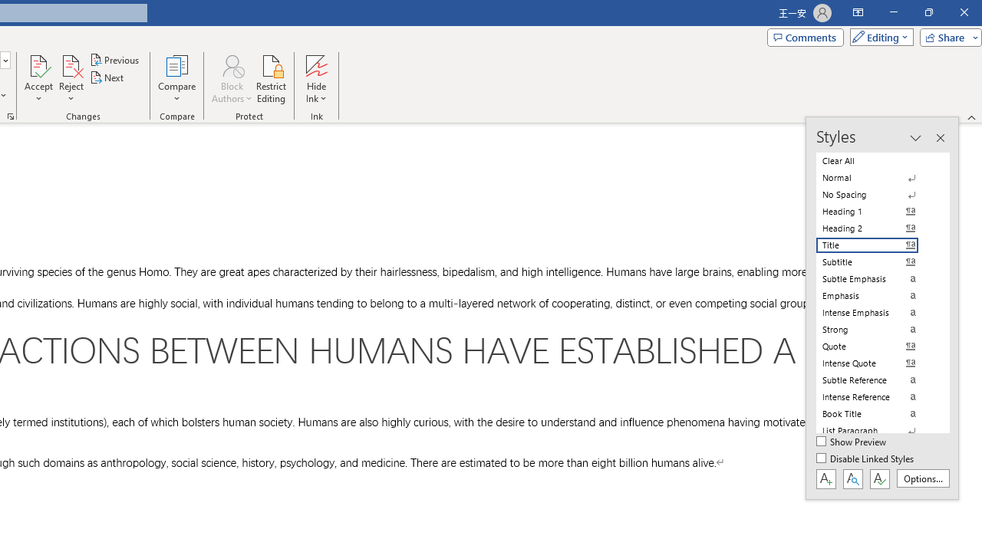  What do you see at coordinates (115, 59) in the screenshot?
I see `'Previous'` at bounding box center [115, 59].